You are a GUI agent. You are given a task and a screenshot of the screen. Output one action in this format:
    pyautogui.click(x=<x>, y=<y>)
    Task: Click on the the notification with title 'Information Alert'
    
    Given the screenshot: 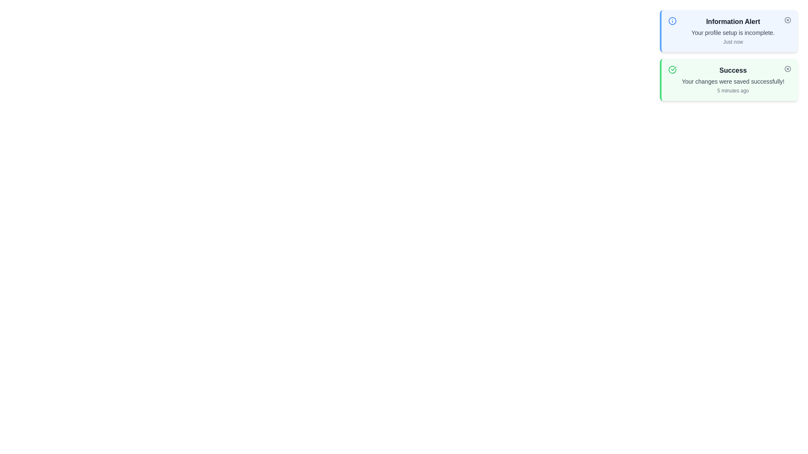 What is the action you would take?
    pyautogui.click(x=728, y=30)
    